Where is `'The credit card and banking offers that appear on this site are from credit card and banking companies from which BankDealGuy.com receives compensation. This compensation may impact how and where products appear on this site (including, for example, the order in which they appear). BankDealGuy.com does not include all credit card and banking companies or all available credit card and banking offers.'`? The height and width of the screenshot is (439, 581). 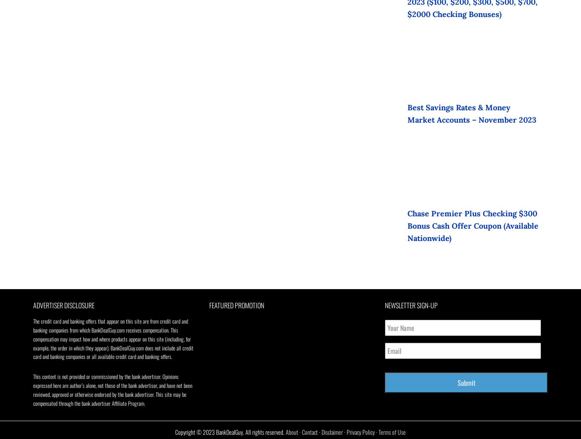
'The credit card and banking offers that appear on this site are from credit card and banking companies from which BankDealGuy.com receives compensation. This compensation may impact how and where products appear on this site (including, for example, the order in which they appear). BankDealGuy.com does not include all credit card and banking companies or all available credit card and banking offers.' is located at coordinates (113, 339).